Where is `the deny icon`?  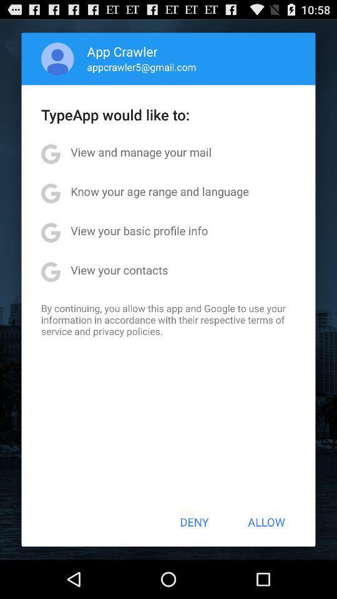
the deny icon is located at coordinates (194, 522).